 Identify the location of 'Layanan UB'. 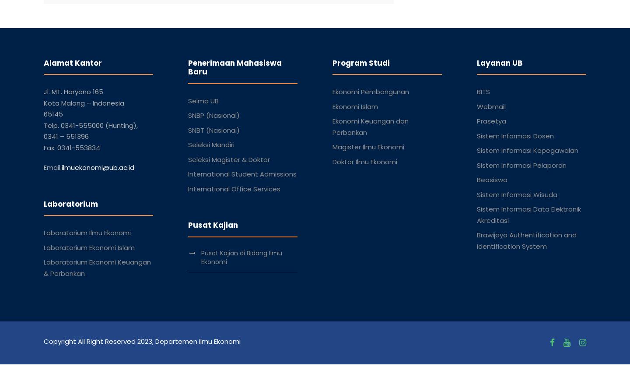
(500, 63).